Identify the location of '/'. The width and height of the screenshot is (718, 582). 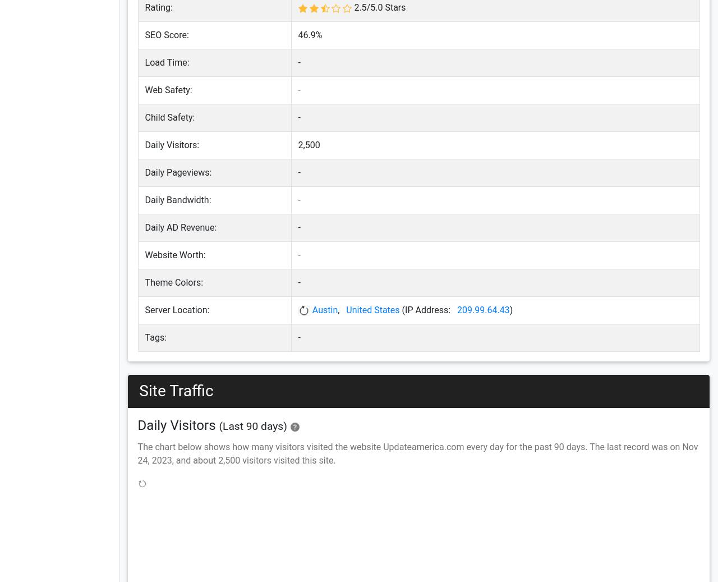
(368, 6).